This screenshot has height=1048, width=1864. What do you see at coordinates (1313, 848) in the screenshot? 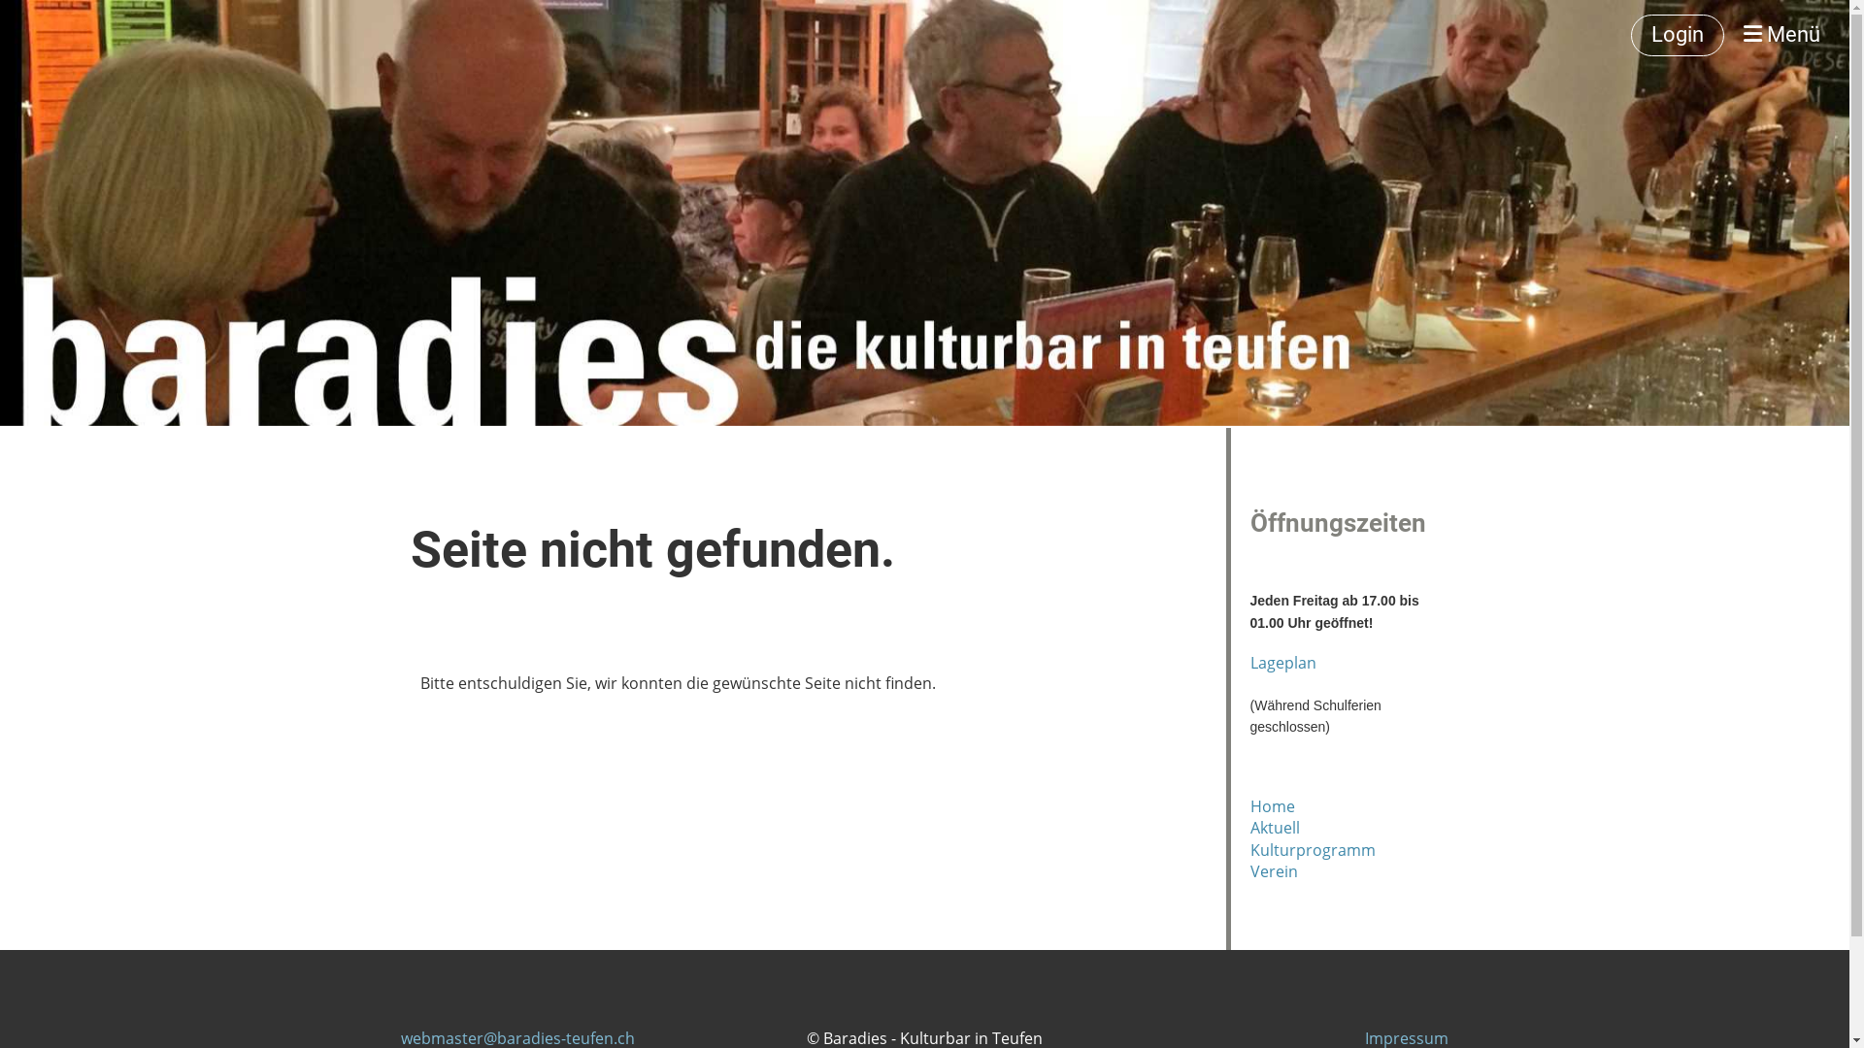
I see `'Kulturprogramm'` at bounding box center [1313, 848].